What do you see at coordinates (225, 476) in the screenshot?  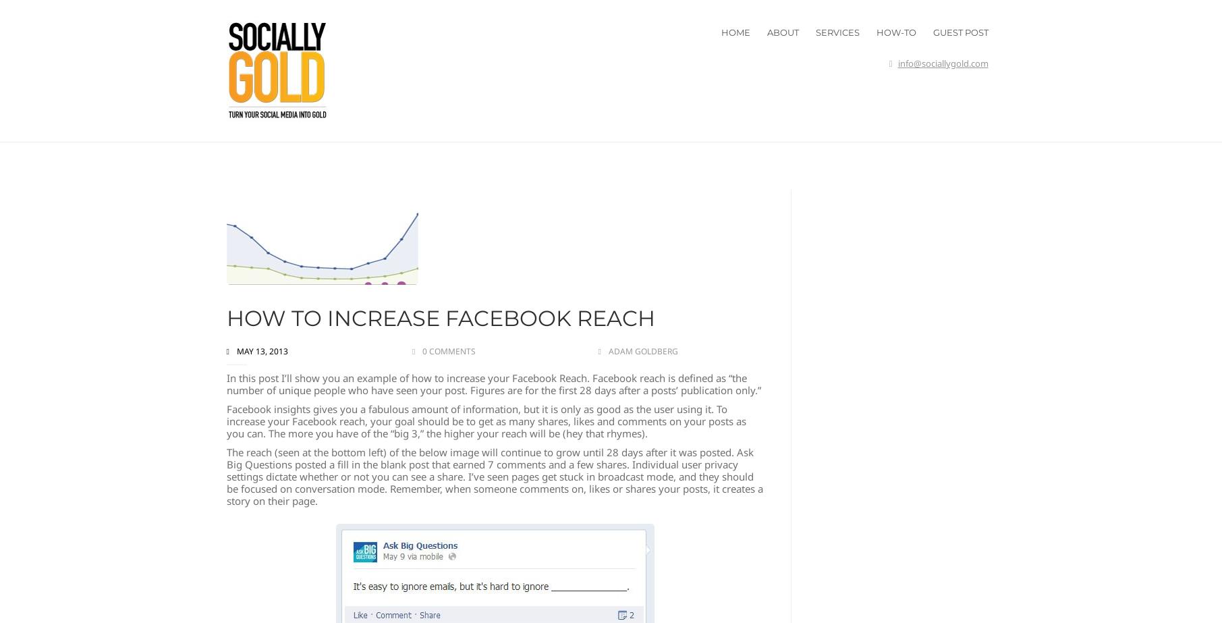 I see `'The reach (seen at the bottom left) of the below image will continue to grow until 28 days after it was posted. Ask Big Questions posted a fill in the blank post that earned 7 comments and a few shares. Individual user privacy settings dictate whether or not you can see a share. I’ve seen pages get stuck in broadcast mode, and they should be focused on conversation mode. Remember, when someone comments on, likes or shares your posts, it creates a story on their page.'` at bounding box center [225, 476].